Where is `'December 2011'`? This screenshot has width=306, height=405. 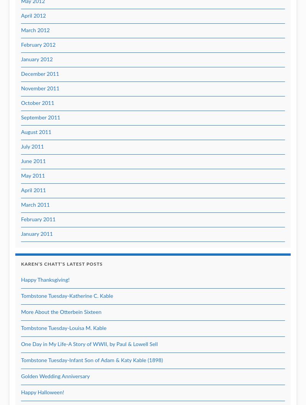
'December 2011' is located at coordinates (39, 74).